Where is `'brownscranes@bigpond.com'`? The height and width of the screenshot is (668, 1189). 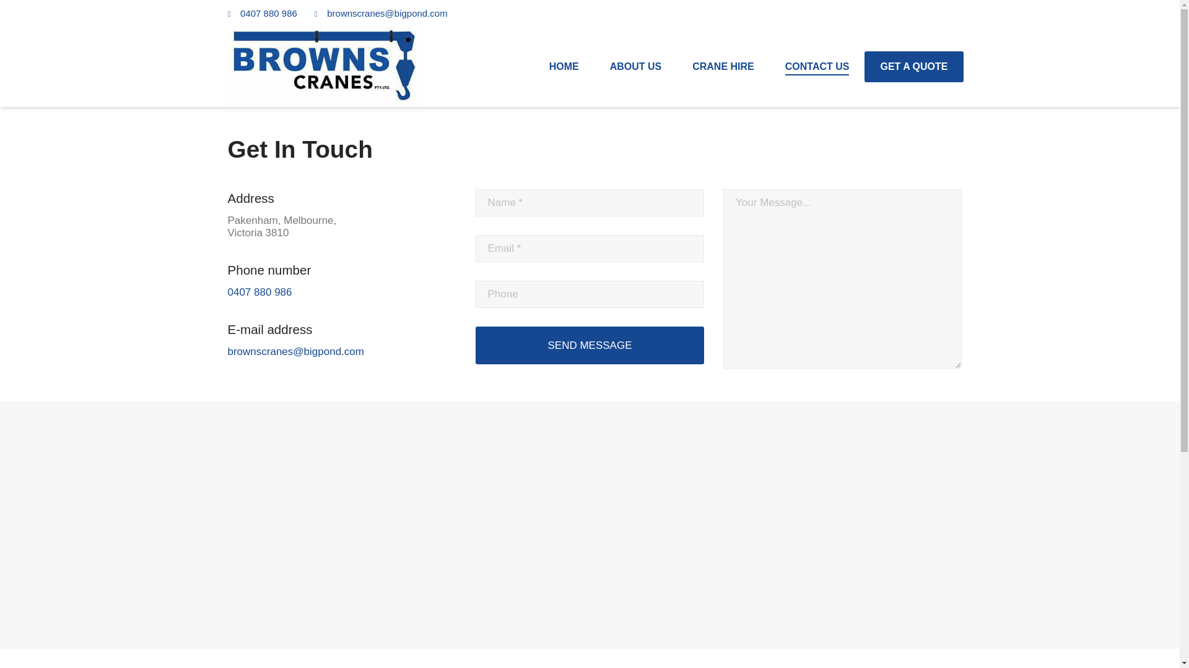
'brownscranes@bigpond.com' is located at coordinates (386, 13).